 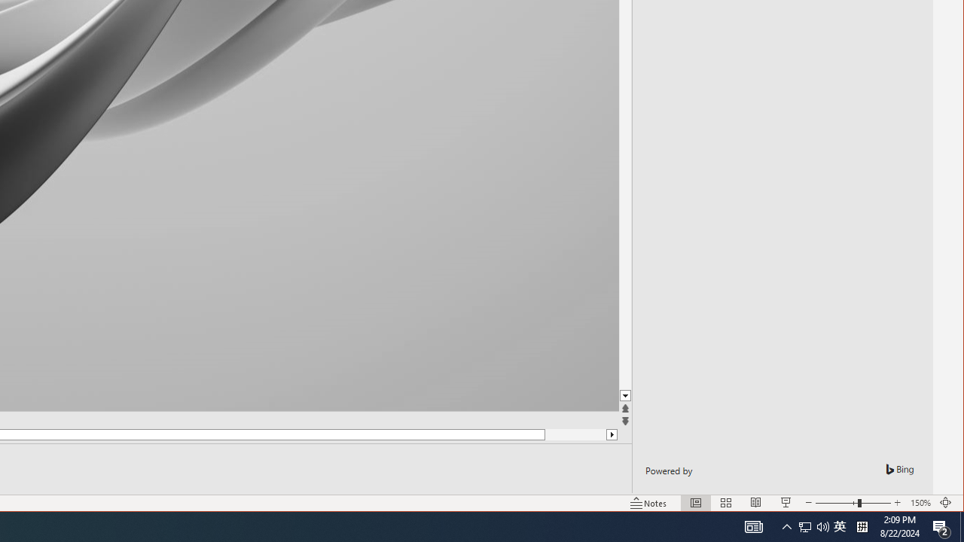 What do you see at coordinates (822, 525) in the screenshot?
I see `'Q2790: 100%'` at bounding box center [822, 525].